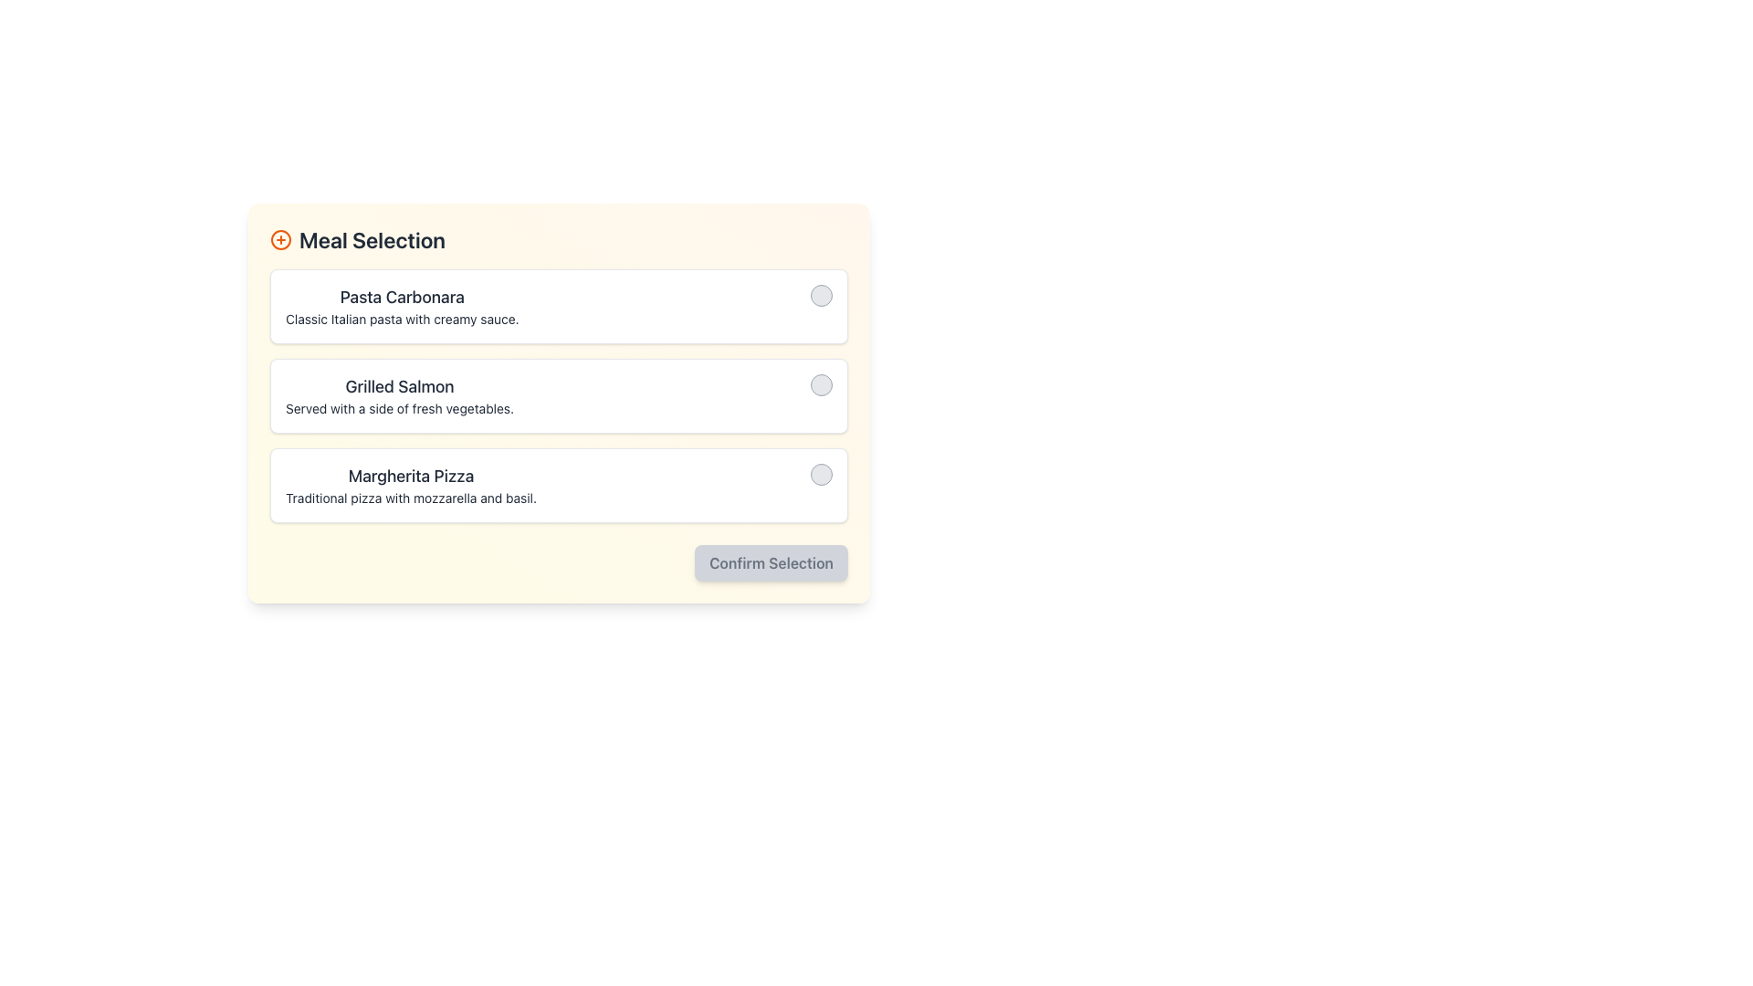 Image resolution: width=1753 pixels, height=986 pixels. What do you see at coordinates (558, 395) in the screenshot?
I see `the grid layout containing selectable meal options` at bounding box center [558, 395].